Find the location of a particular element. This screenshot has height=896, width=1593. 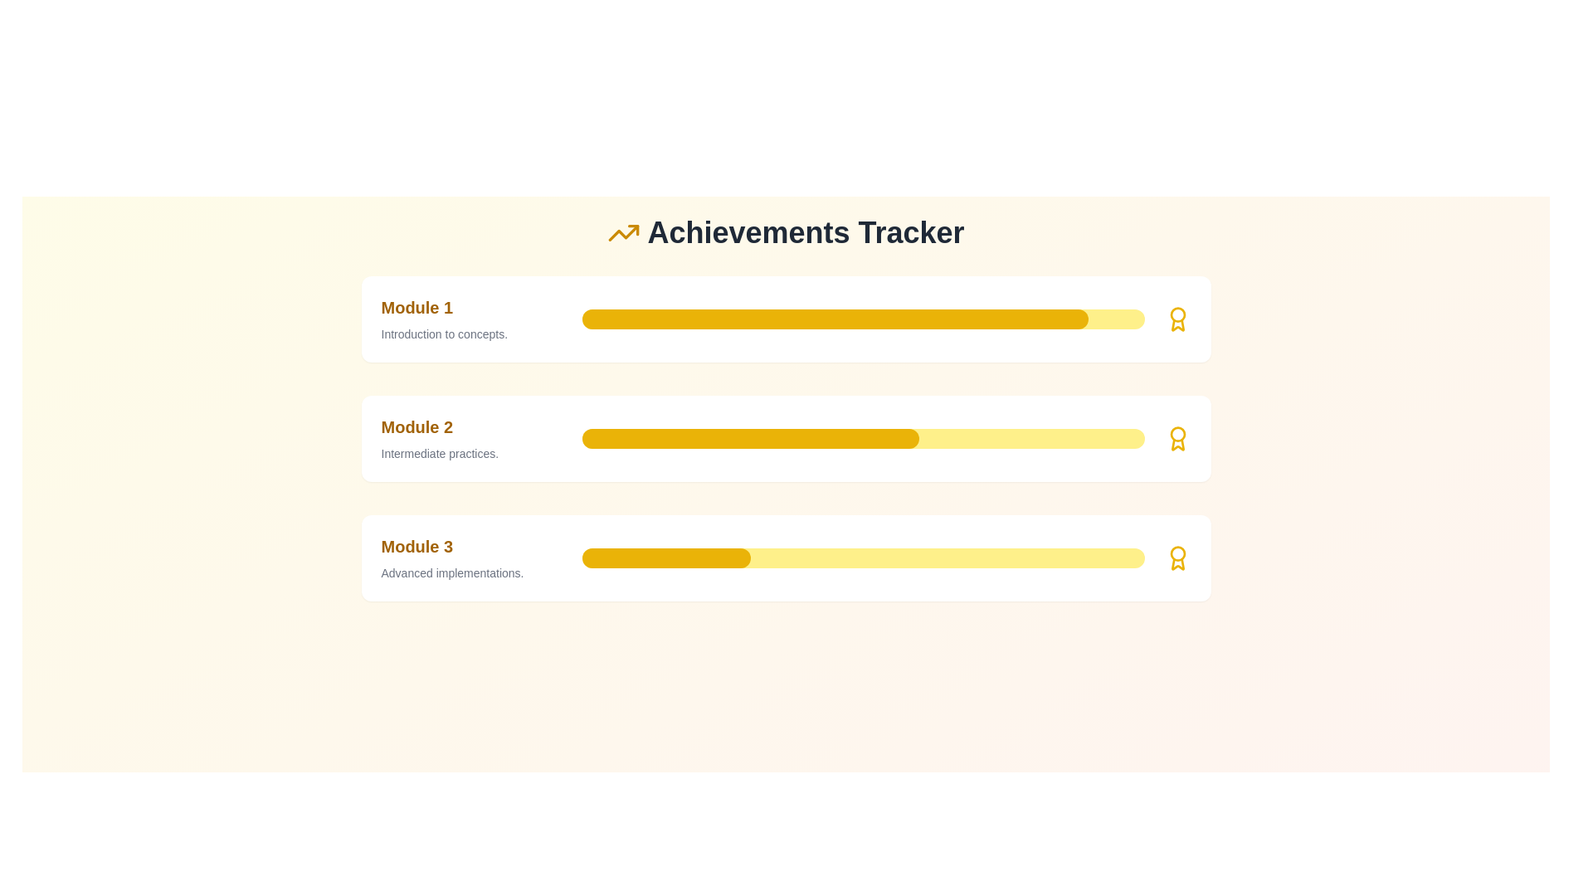

the yellow badge icon representing the achievement for Module 1, located at the far right of the progress bars is located at coordinates (1176, 563).